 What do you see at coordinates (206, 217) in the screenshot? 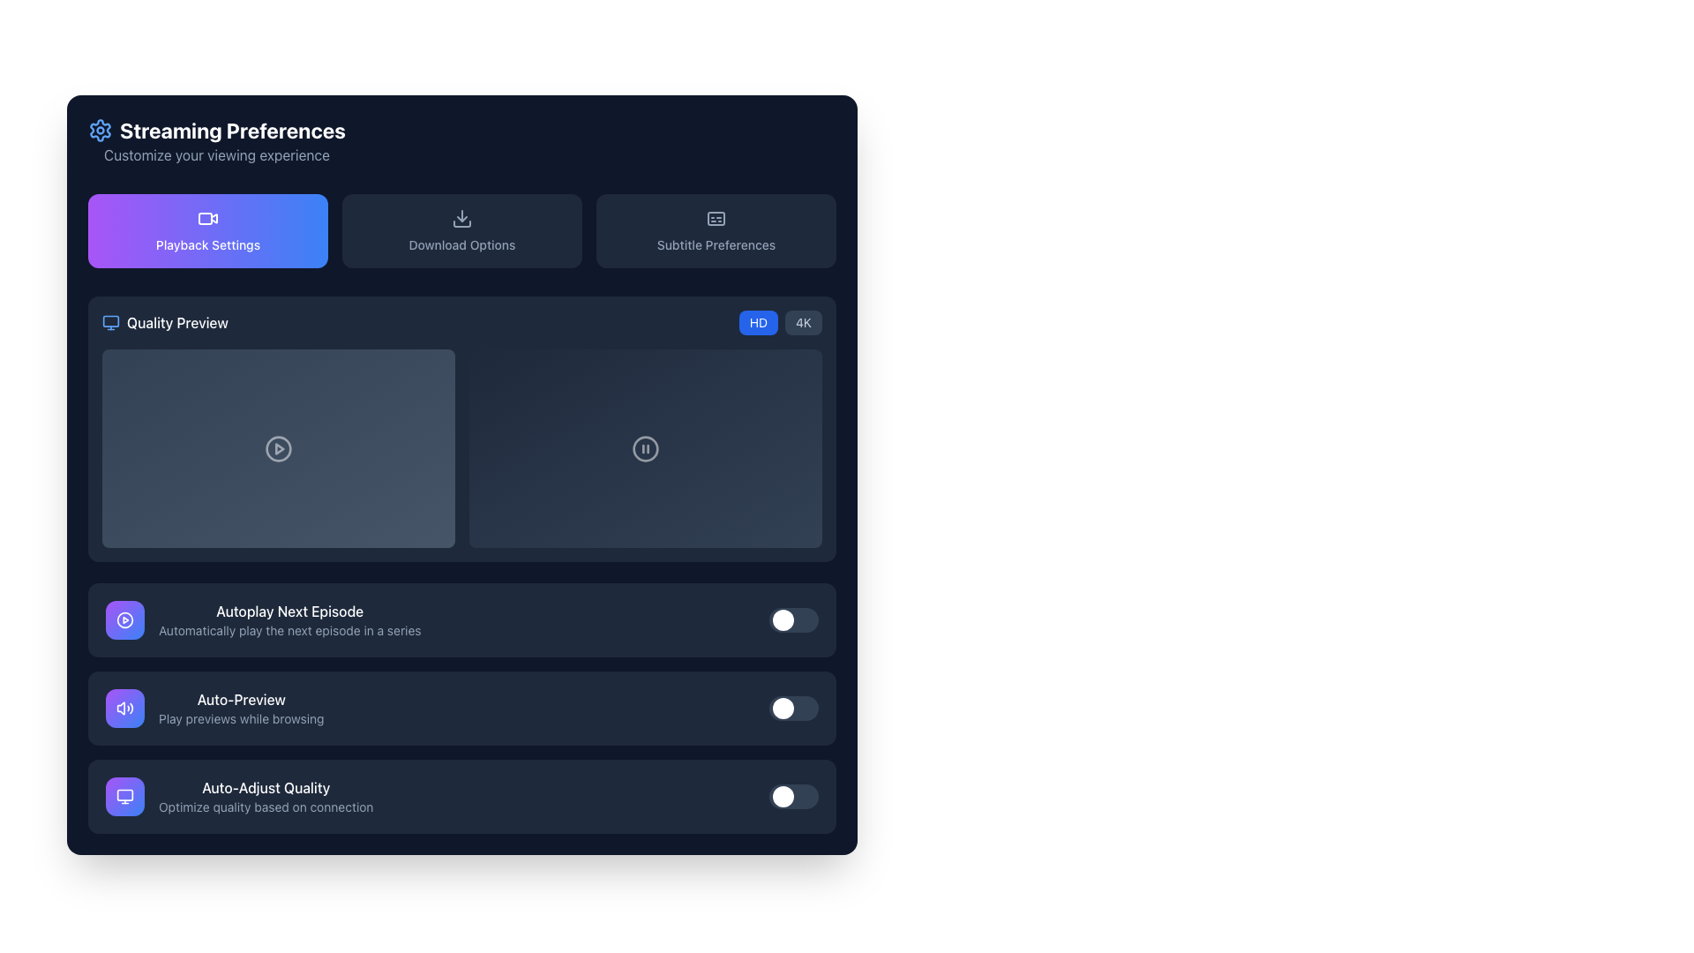
I see `the blue rectangular graphical component with rounded corners located near the video-related icon` at bounding box center [206, 217].